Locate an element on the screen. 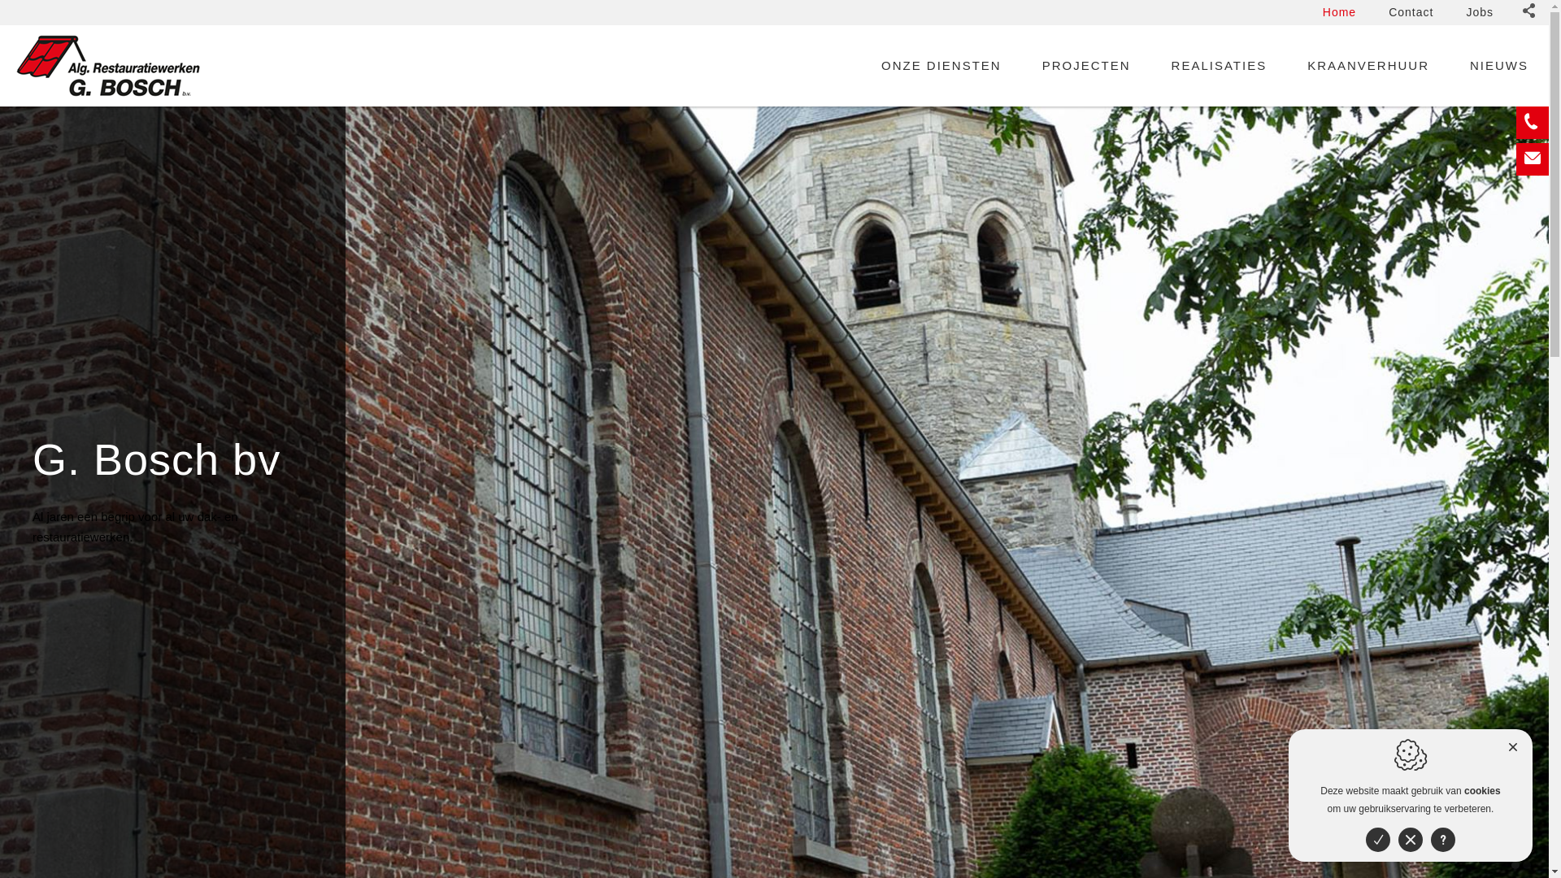 Image resolution: width=1561 pixels, height=878 pixels. 'Weigeren' is located at coordinates (1409, 840).